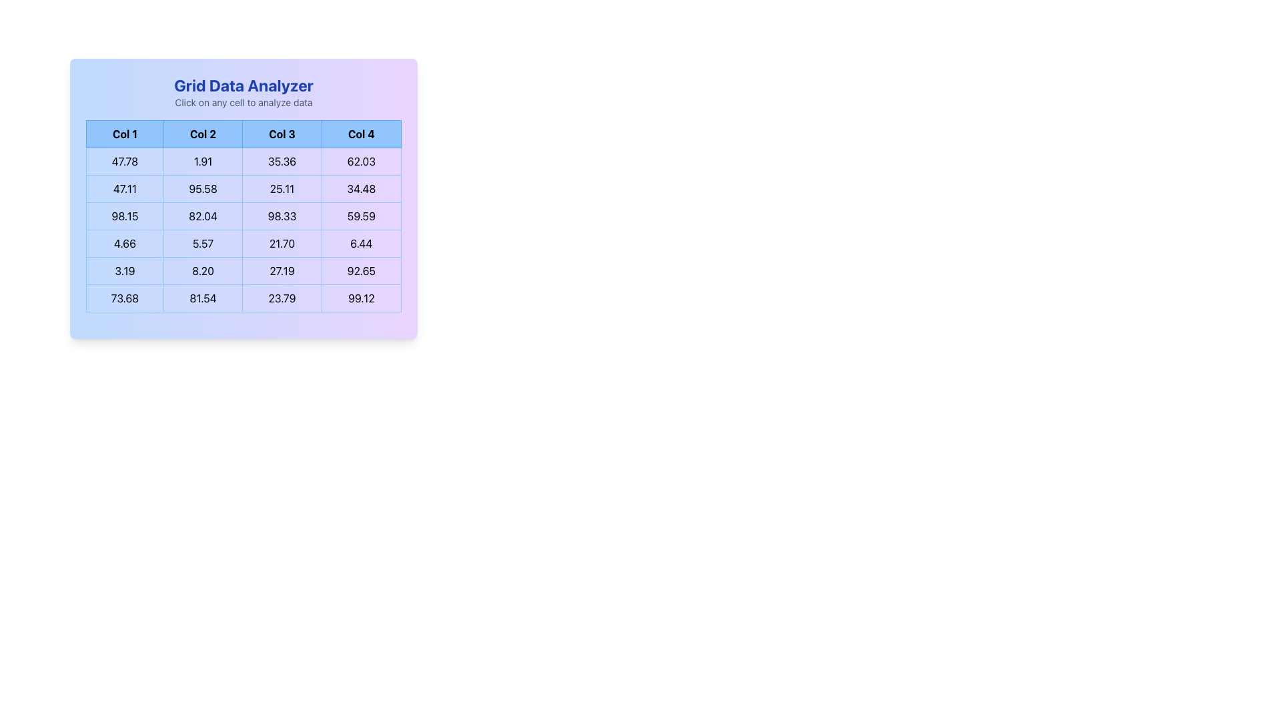 This screenshot has height=721, width=1281. I want to click on the static text box in the fifth row and fourth column of the grid layout, which displays numerical data for grid analysis, so click(361, 270).